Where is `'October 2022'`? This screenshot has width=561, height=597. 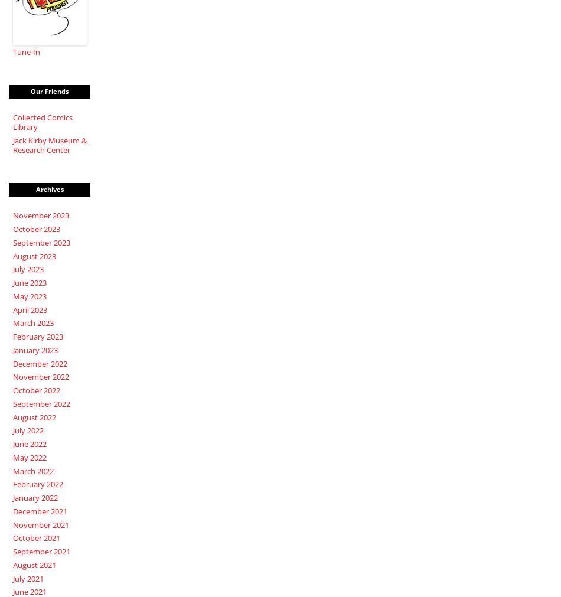 'October 2022' is located at coordinates (35, 390).